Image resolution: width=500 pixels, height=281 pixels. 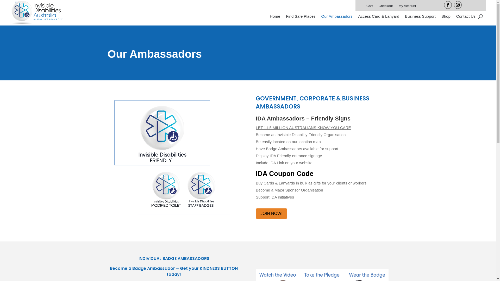 I want to click on 'Shop', so click(x=446, y=17).